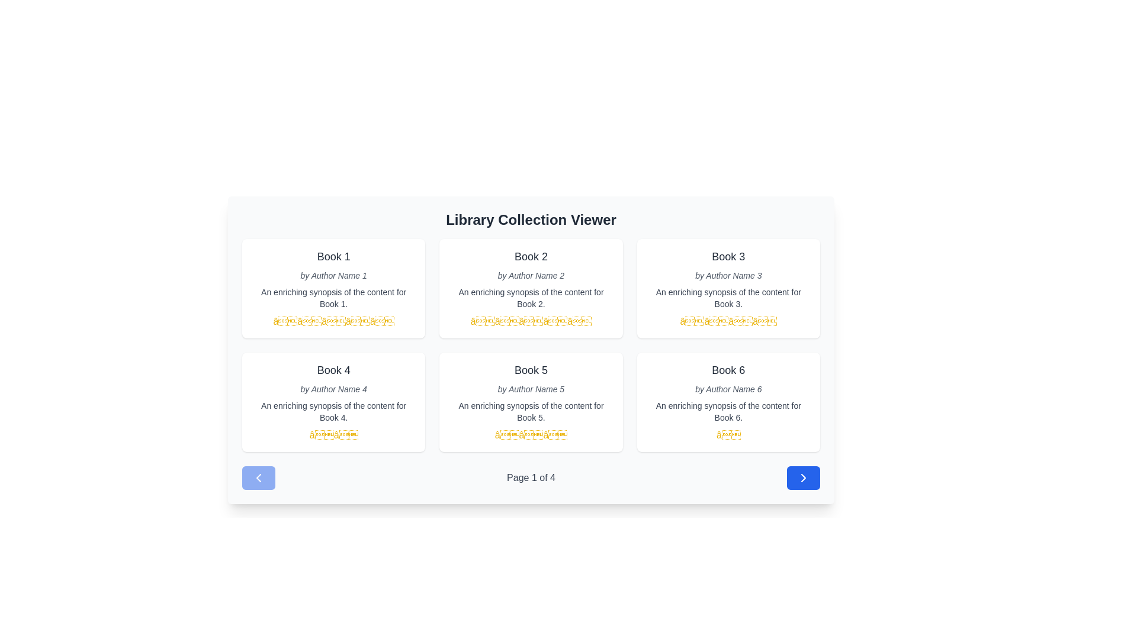  I want to click on the two yellow stars (★★) in the Rating Indicator at the bottom of the 'Book 4' card, so click(333, 435).